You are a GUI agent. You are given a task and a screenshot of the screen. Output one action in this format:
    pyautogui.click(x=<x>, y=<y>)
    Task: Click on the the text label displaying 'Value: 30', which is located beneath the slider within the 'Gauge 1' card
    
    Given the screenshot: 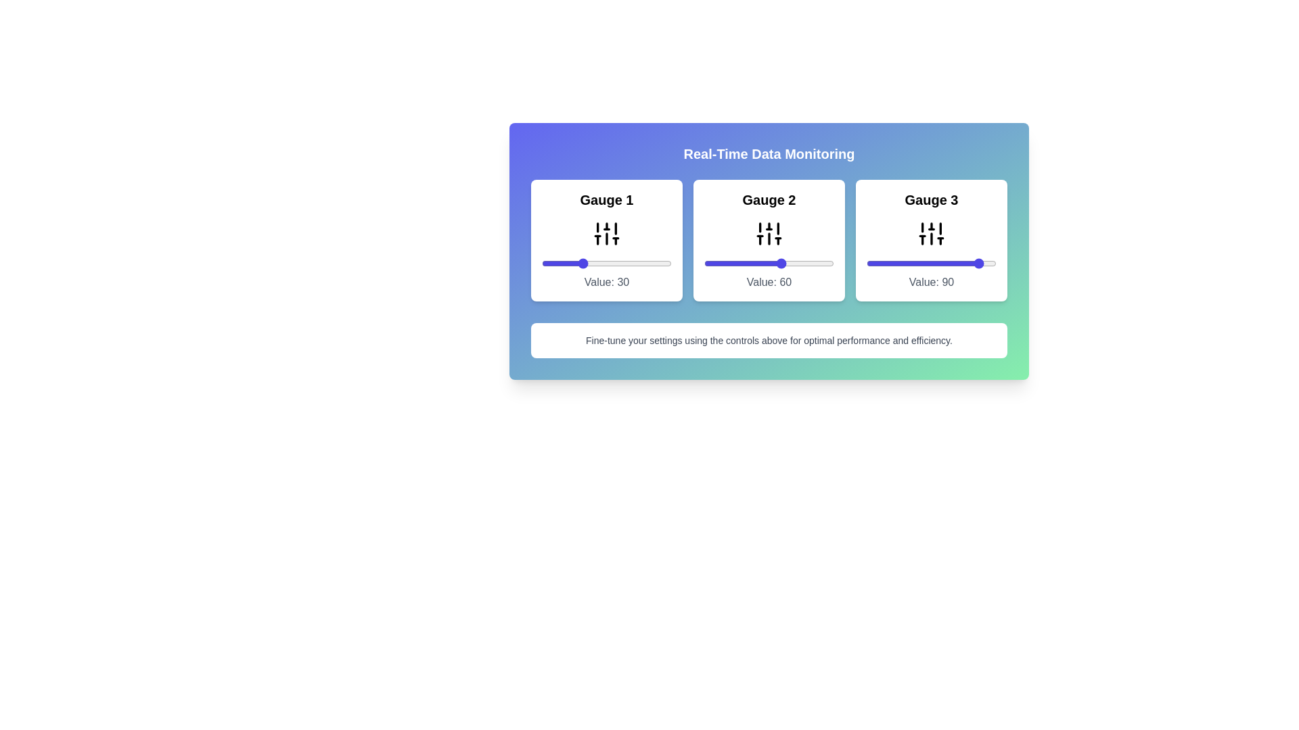 What is the action you would take?
    pyautogui.click(x=606, y=281)
    